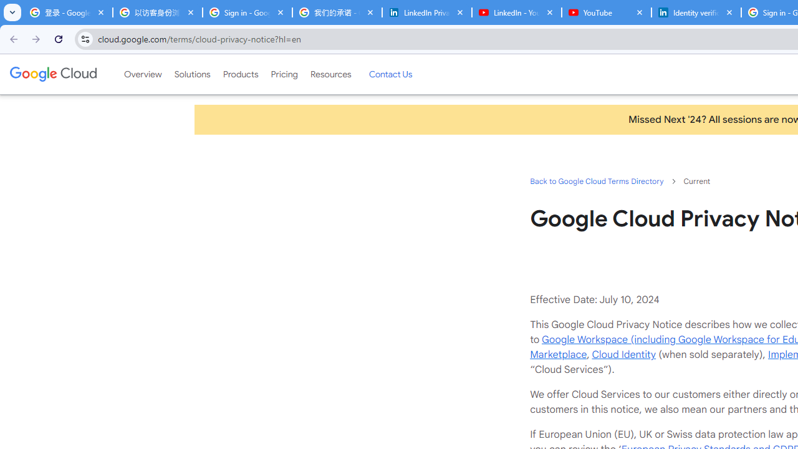 The width and height of the screenshot is (798, 449). Describe the element at coordinates (596, 181) in the screenshot. I see `'Back to Google Cloud Terms Directory'` at that location.